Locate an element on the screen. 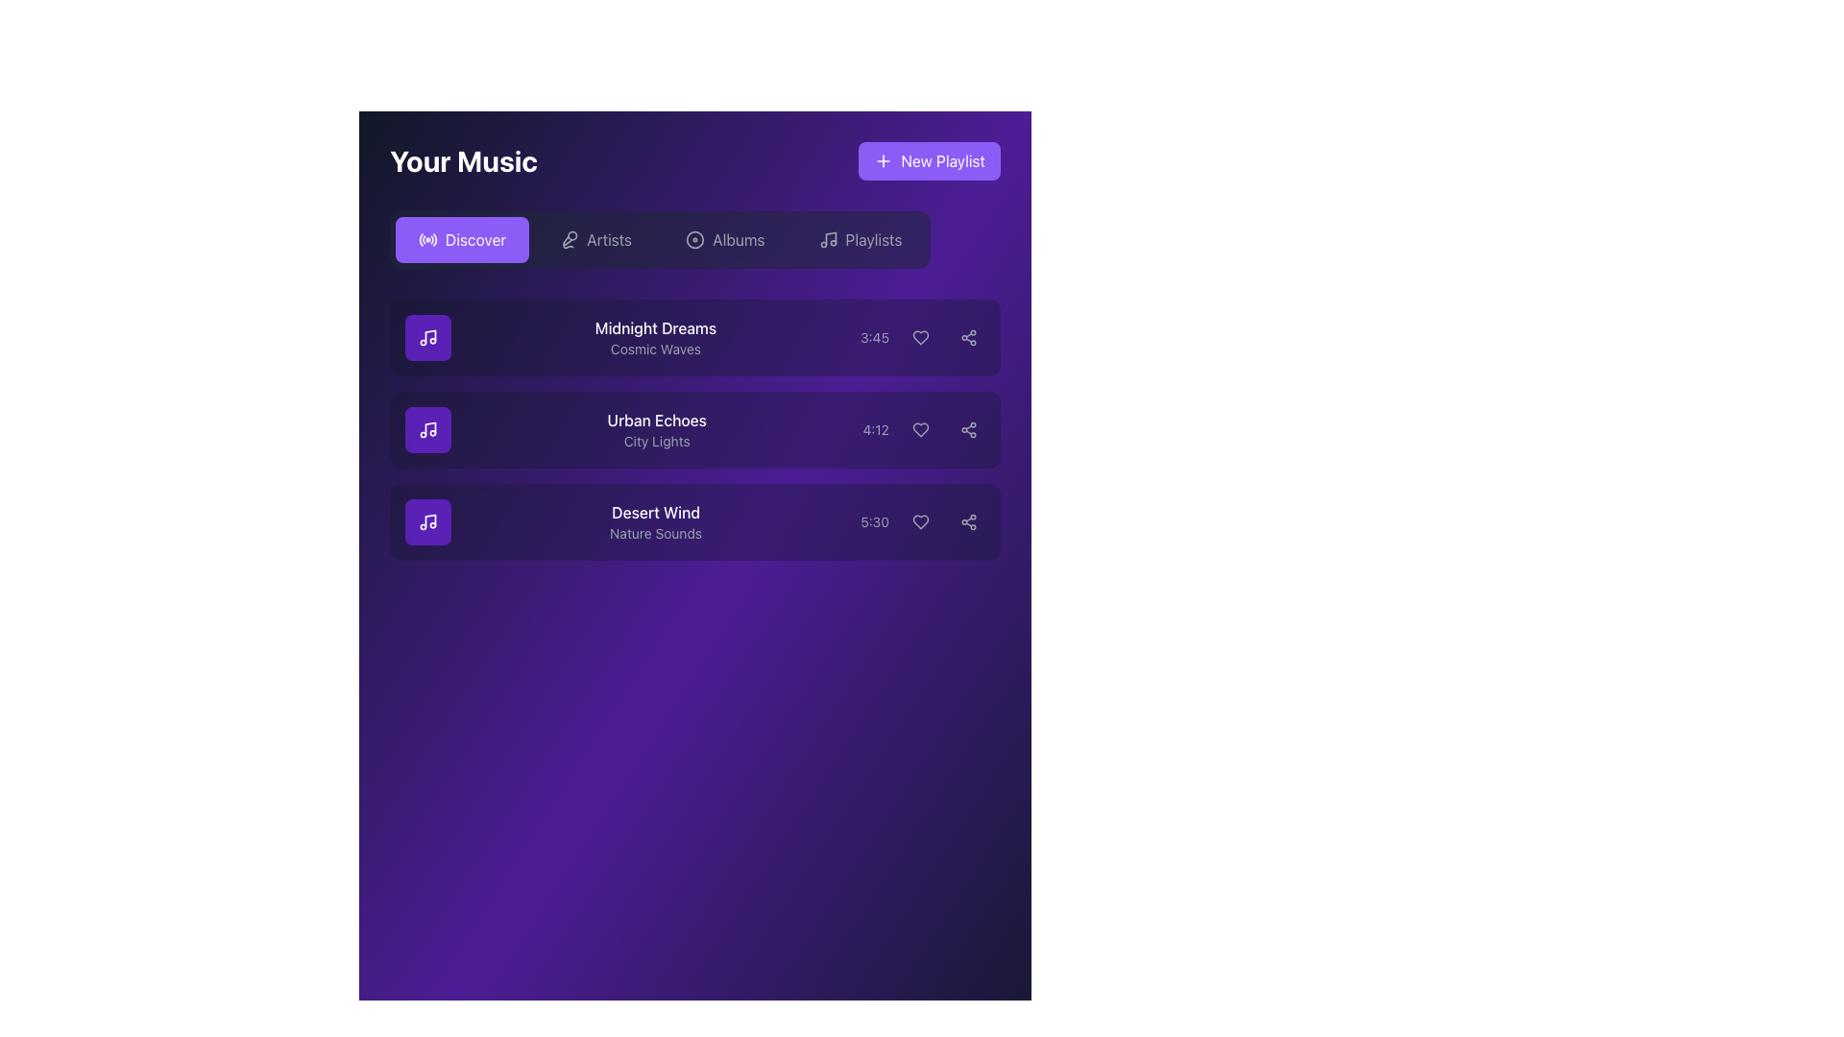 This screenshot has width=1844, height=1037. the circular share button, which is the second interactive button in the row for the music track 'Urban Echoes', located to the far right adjacent to the heart icon is located at coordinates (968, 428).